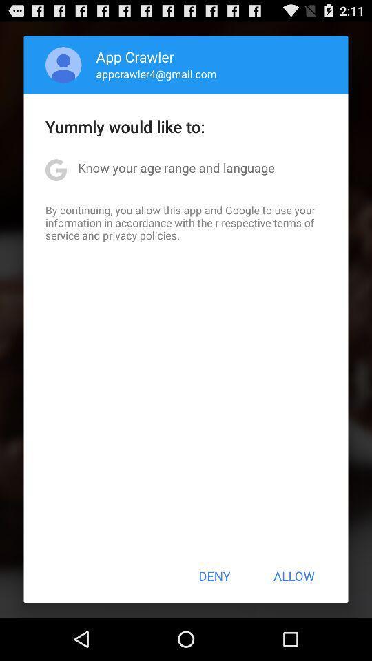 The image size is (372, 661). I want to click on appcrawler4@gmail.com app, so click(156, 74).